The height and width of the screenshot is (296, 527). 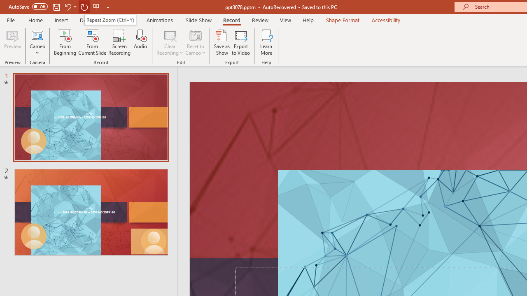 I want to click on 'Learn More', so click(x=266, y=42).